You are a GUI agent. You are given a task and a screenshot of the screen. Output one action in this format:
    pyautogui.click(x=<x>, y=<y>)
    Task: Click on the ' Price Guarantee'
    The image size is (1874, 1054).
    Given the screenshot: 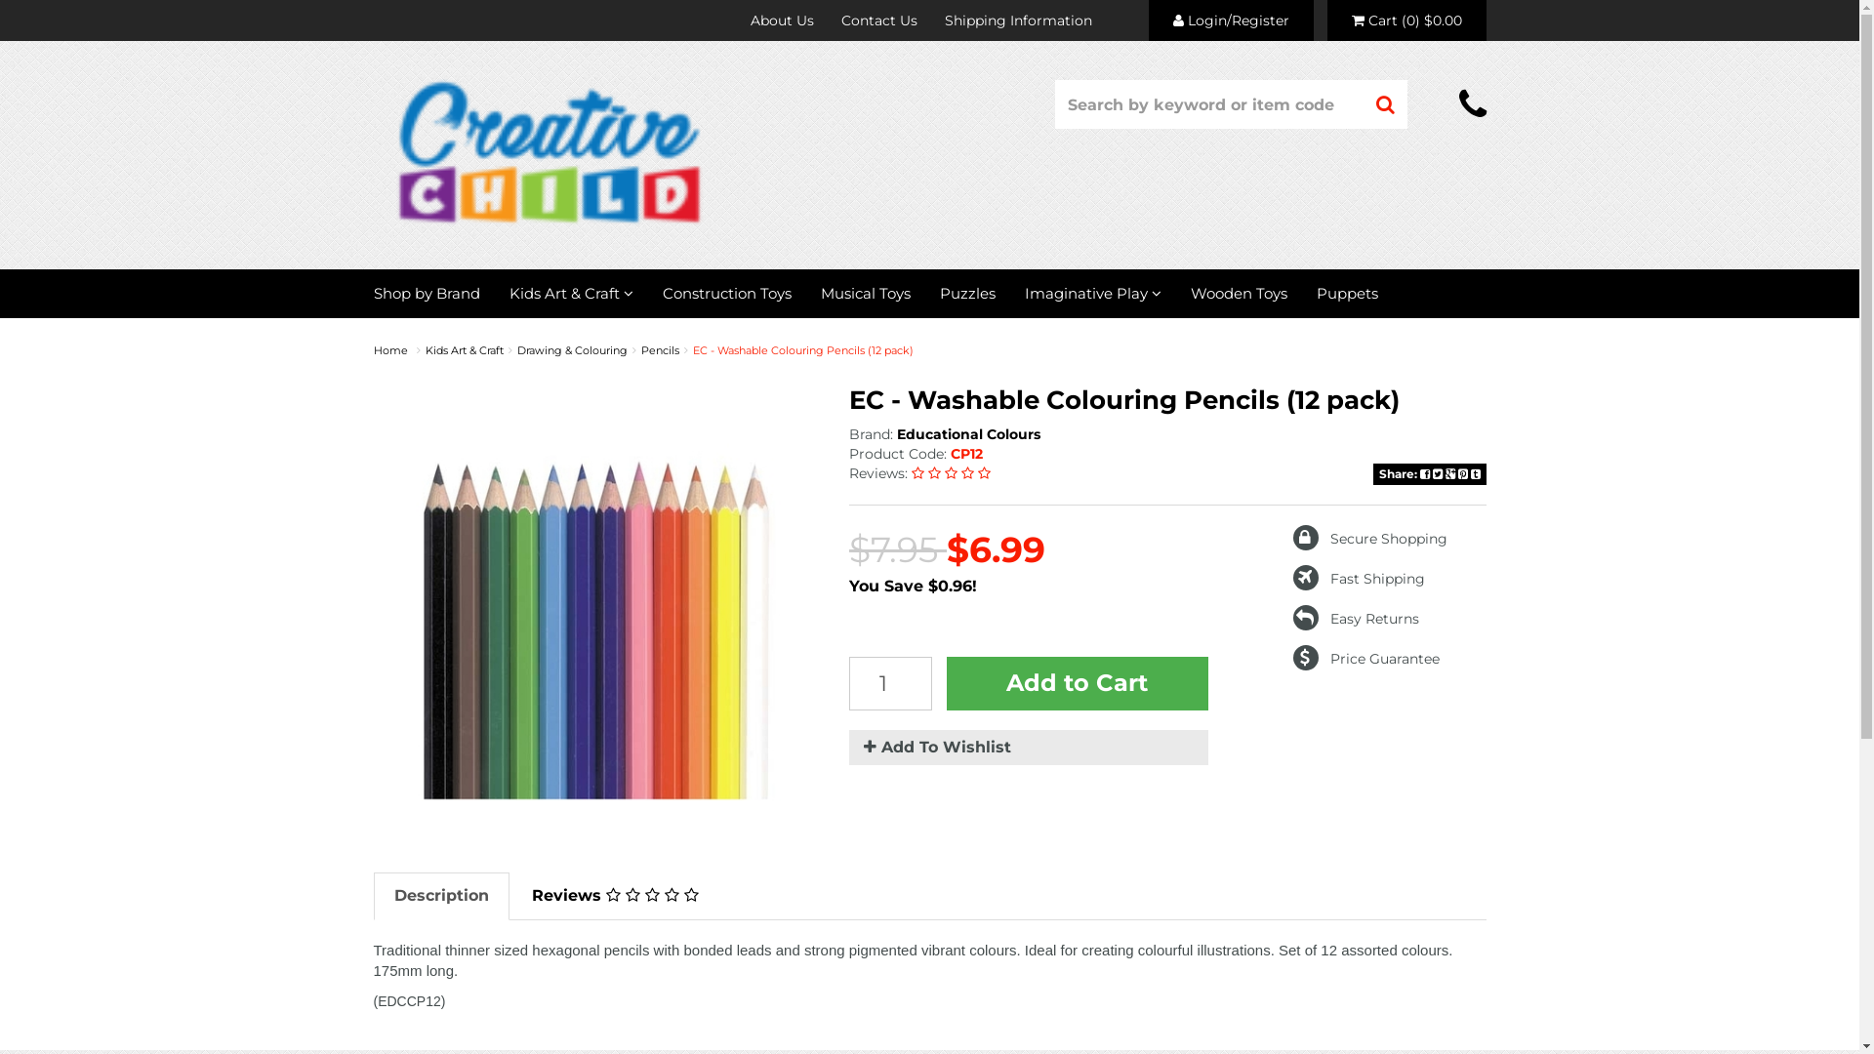 What is the action you would take?
    pyautogui.click(x=1365, y=659)
    